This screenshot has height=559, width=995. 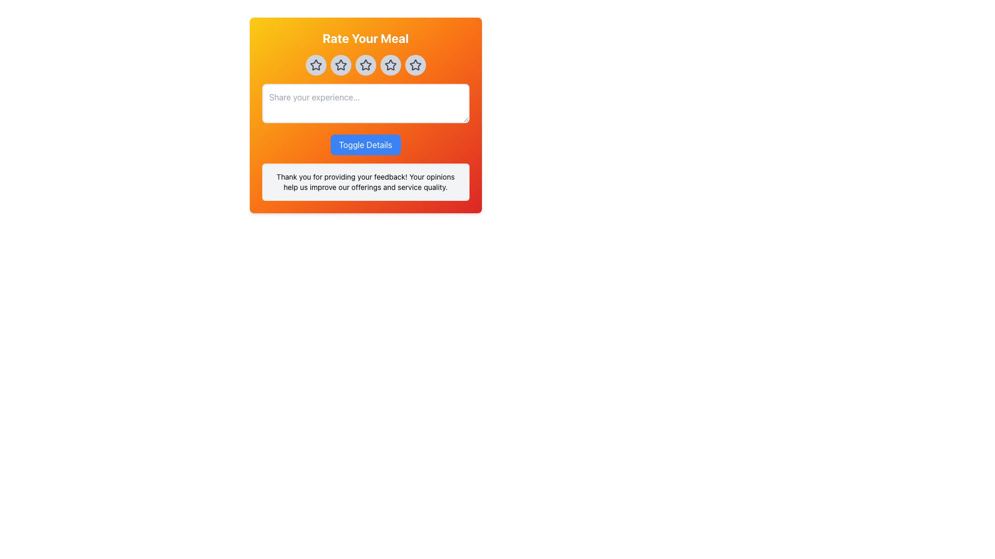 What do you see at coordinates (315, 65) in the screenshot?
I see `the first star in the five-star rating system` at bounding box center [315, 65].